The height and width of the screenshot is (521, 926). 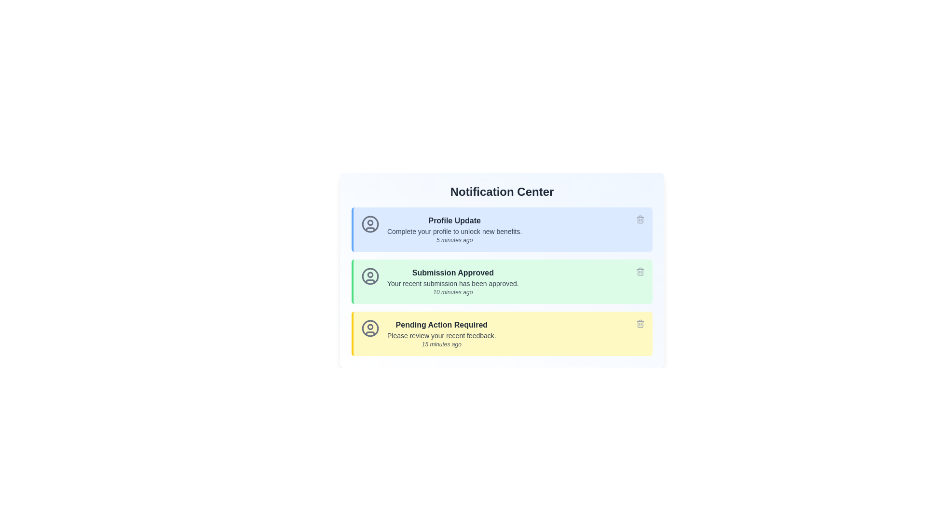 I want to click on the small circular user profile outline icon, which is gray and located to the left of the 'Profile Update' text in the first notification card of the vertical notification list, so click(x=370, y=224).